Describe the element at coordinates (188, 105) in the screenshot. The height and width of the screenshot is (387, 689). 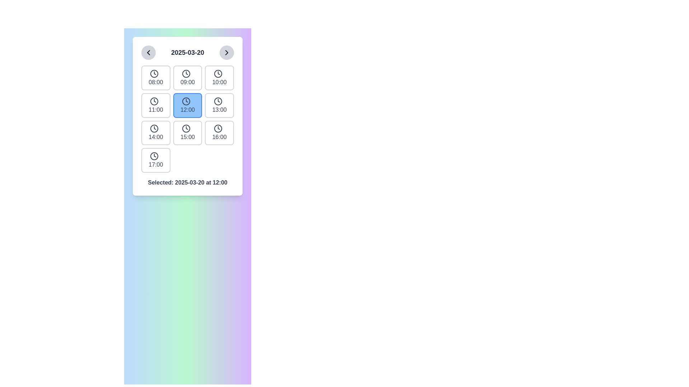
I see `the blue rectangular button with rounded corners labeled '12:00'` at that location.